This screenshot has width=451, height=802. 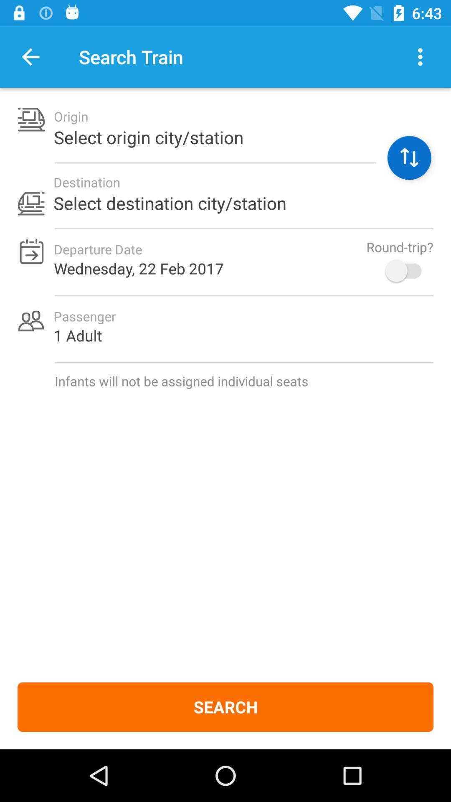 What do you see at coordinates (407, 271) in the screenshot?
I see `round trip option` at bounding box center [407, 271].